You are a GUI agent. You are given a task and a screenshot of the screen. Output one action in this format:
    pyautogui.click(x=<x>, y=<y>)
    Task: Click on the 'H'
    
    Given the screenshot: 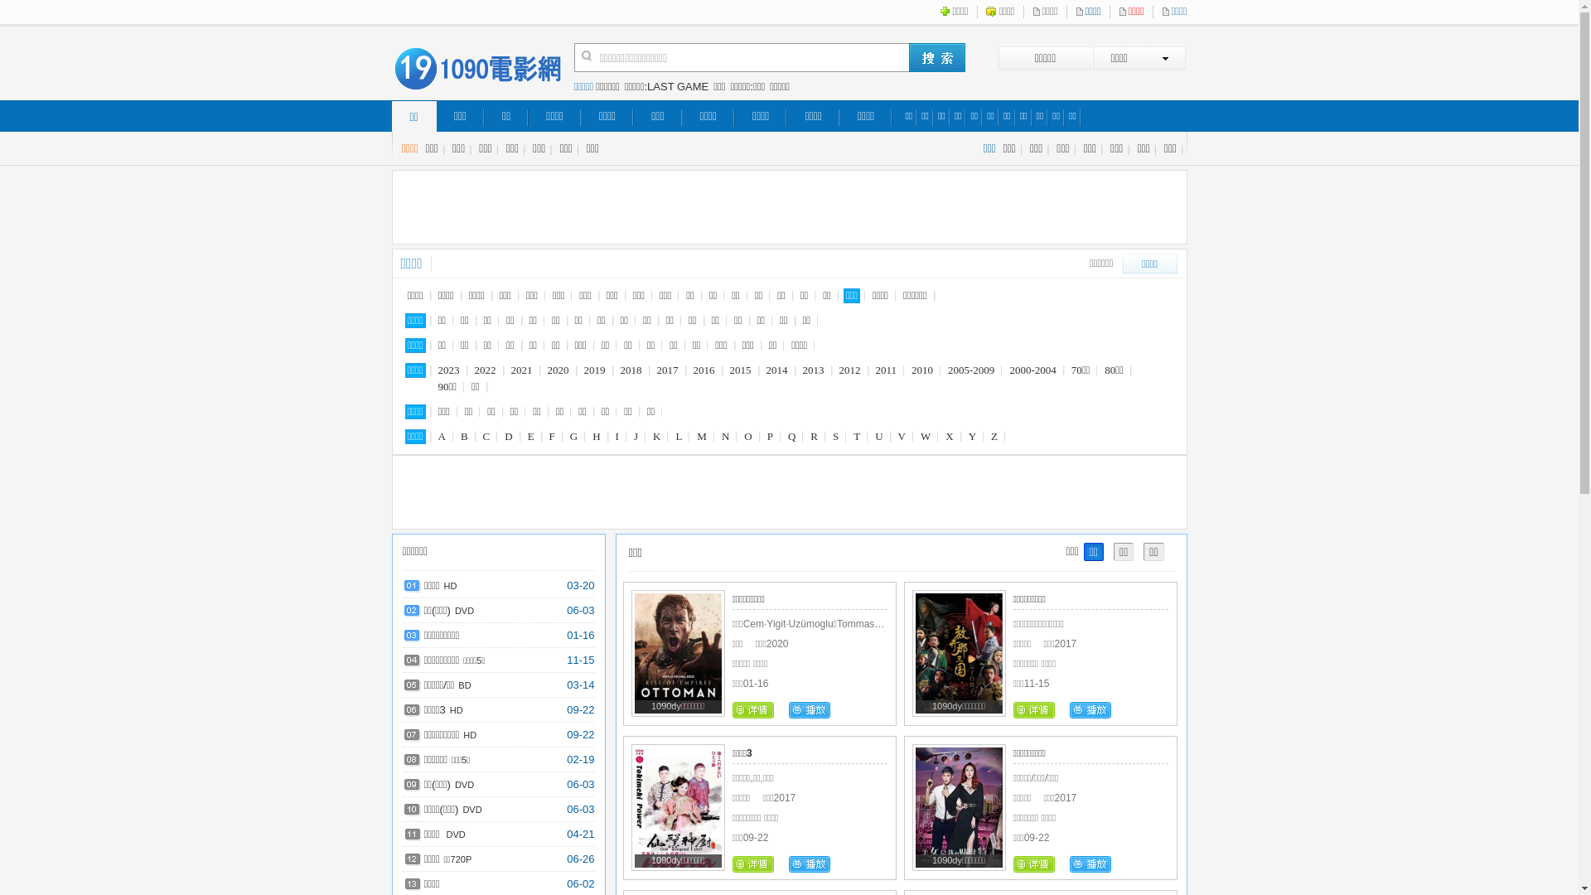 What is the action you would take?
    pyautogui.click(x=596, y=436)
    